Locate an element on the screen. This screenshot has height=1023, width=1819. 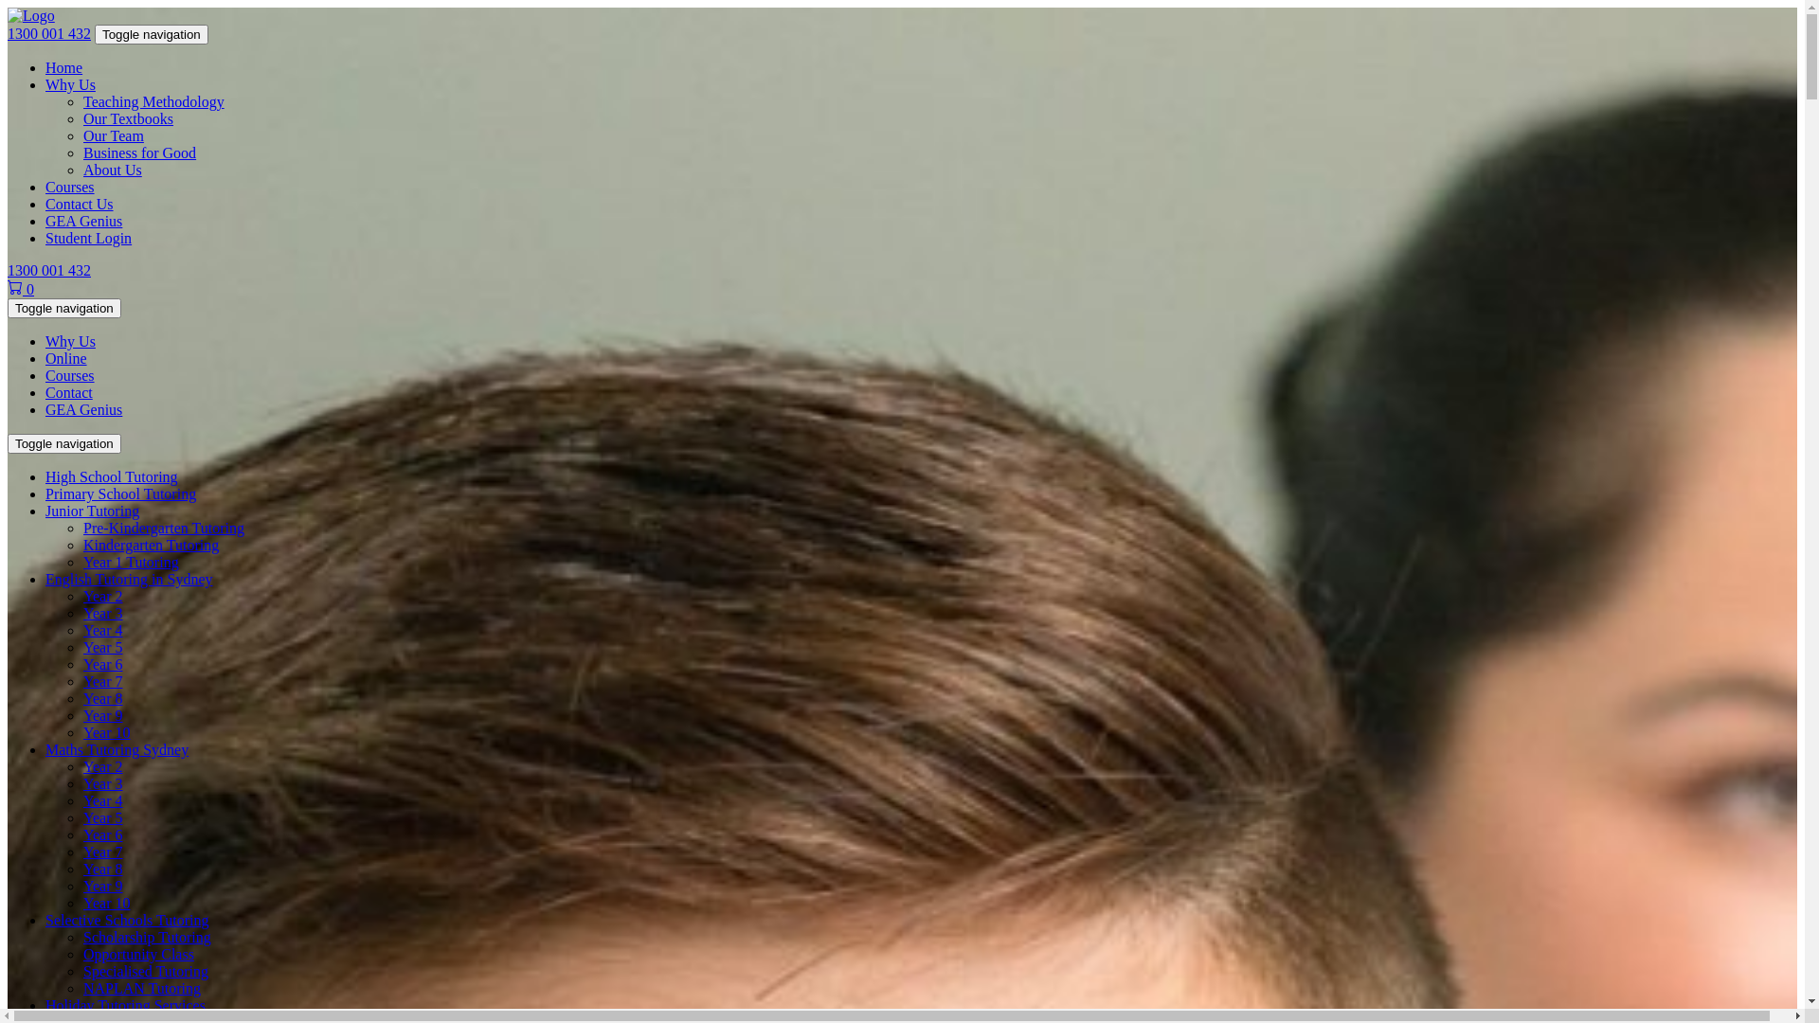
'Business for Good' is located at coordinates (138, 152).